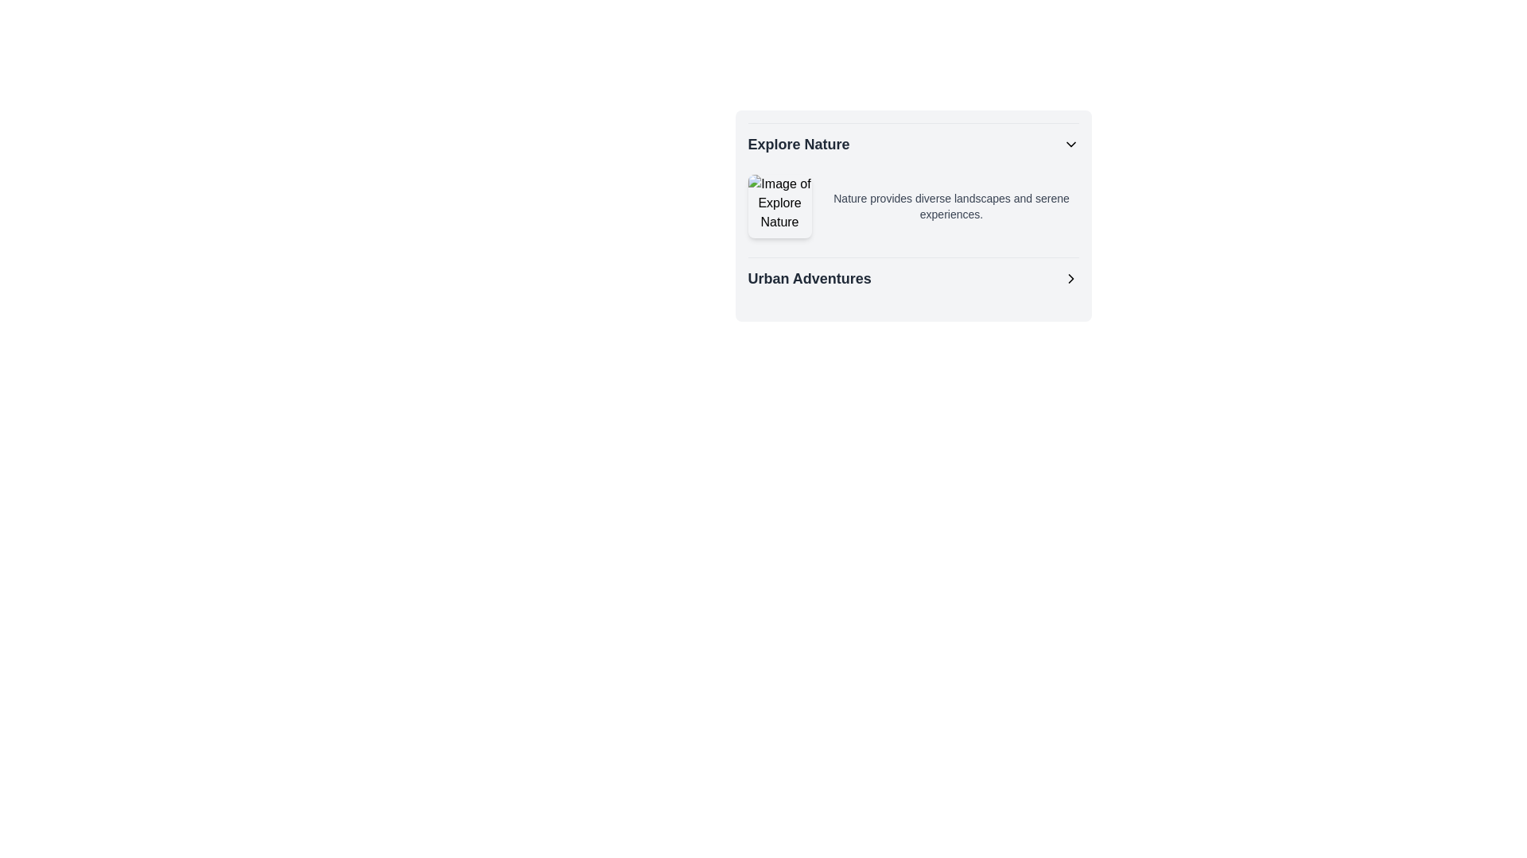  Describe the element at coordinates (1070, 278) in the screenshot. I see `the right-pointing chevron icon indicating navigational action for the 'Urban Adventures' section` at that location.